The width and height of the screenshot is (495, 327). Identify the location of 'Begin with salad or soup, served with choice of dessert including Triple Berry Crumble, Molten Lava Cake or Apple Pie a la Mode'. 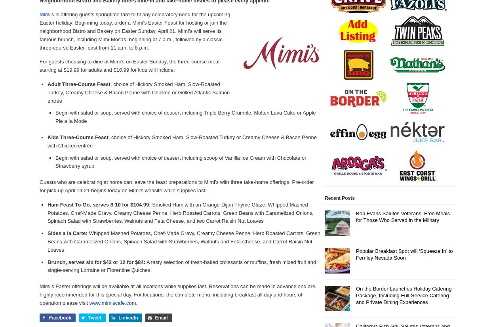
(55, 117).